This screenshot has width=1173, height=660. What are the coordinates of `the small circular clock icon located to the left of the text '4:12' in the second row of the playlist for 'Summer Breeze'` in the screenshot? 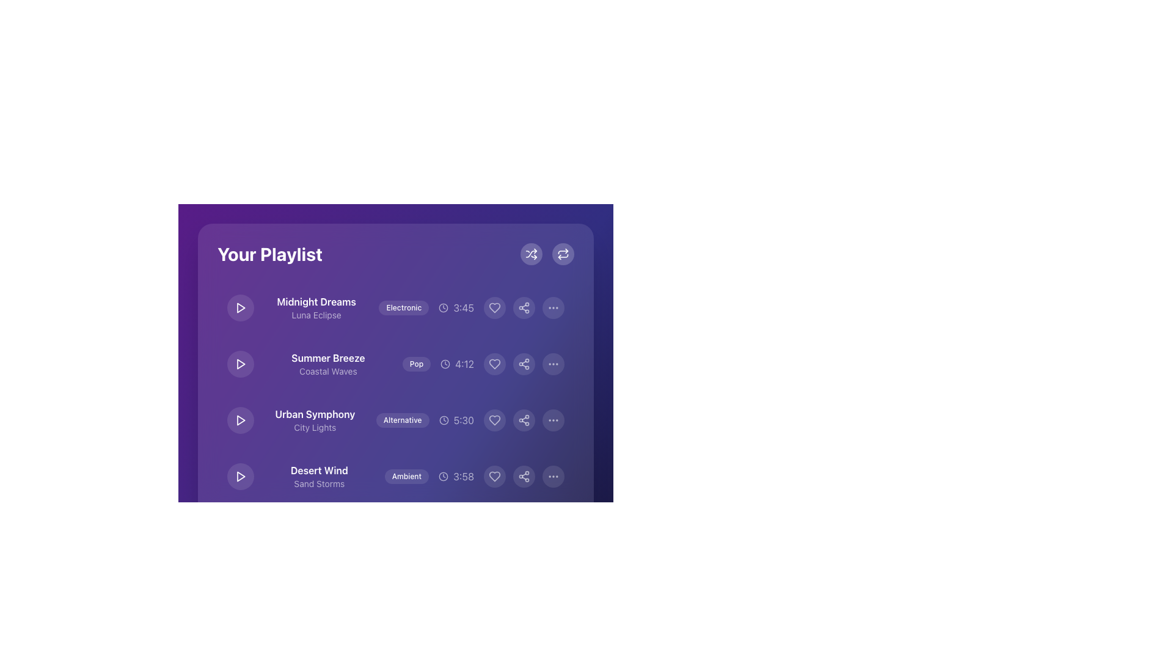 It's located at (445, 364).